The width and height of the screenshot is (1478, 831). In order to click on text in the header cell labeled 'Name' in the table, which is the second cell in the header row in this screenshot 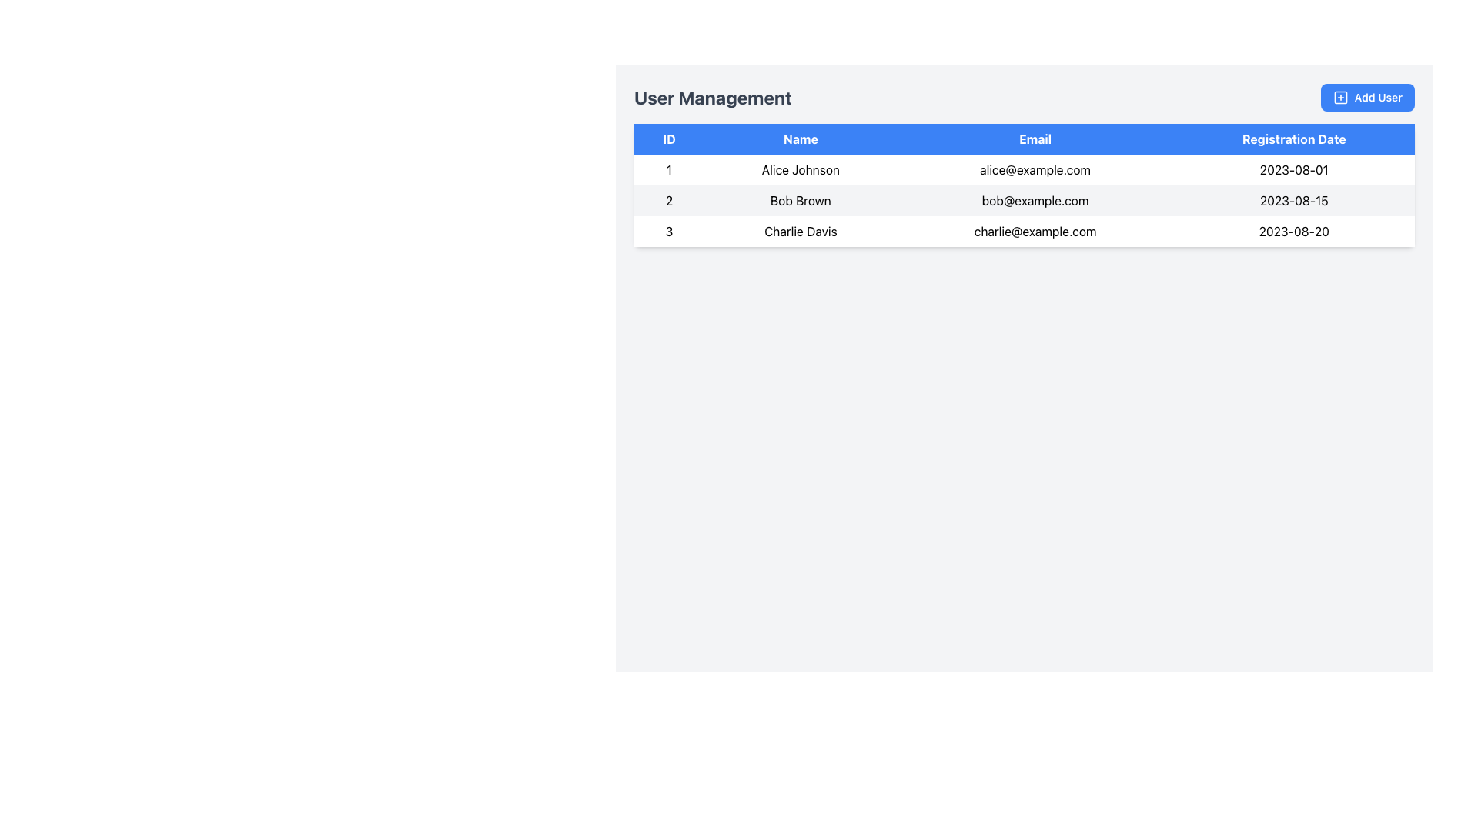, I will do `click(801, 139)`.